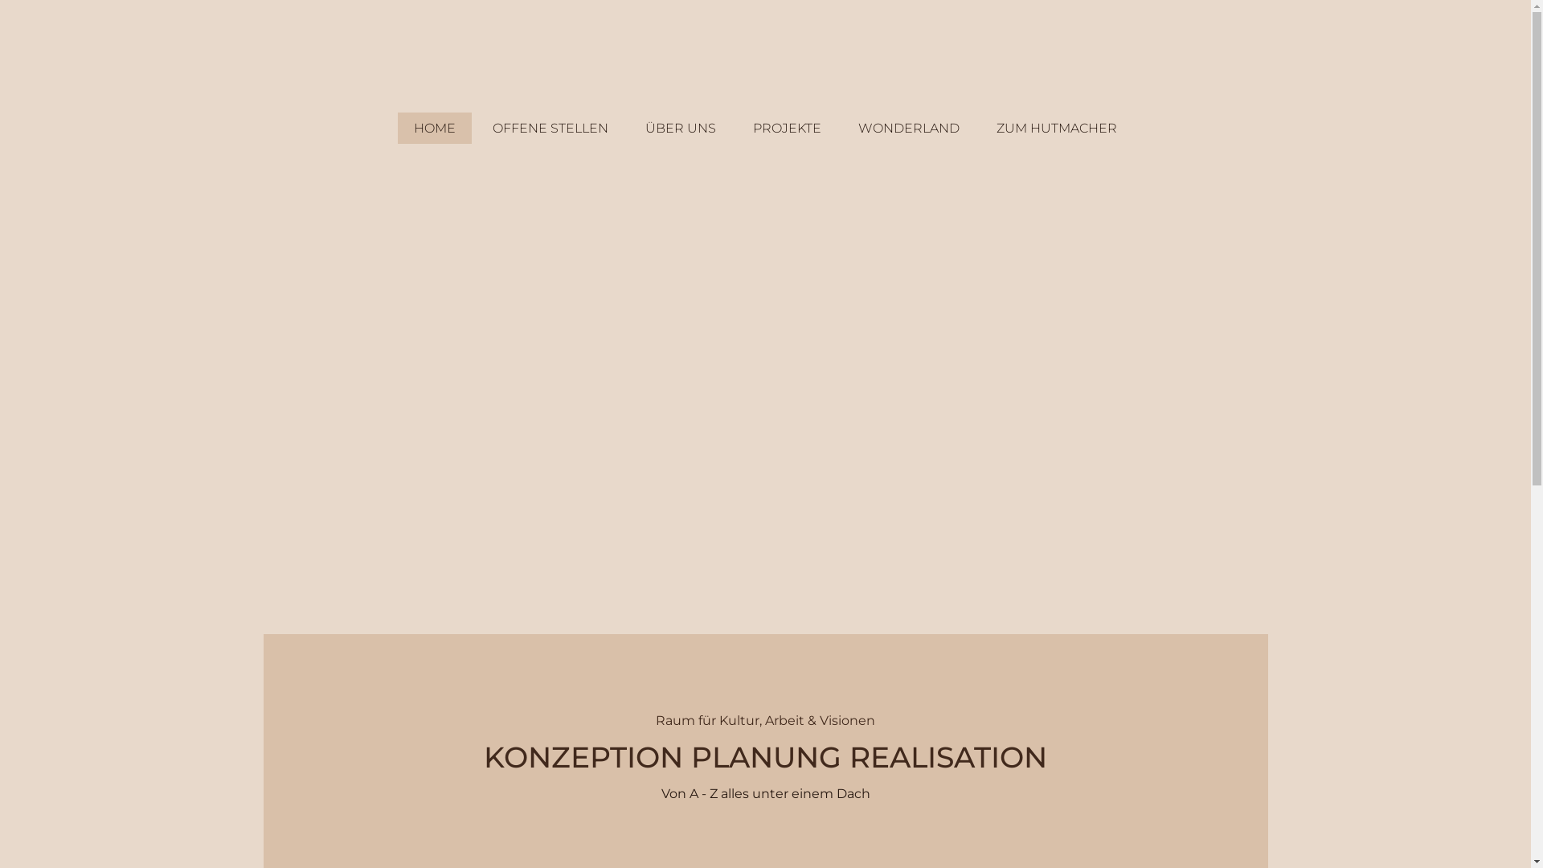  What do you see at coordinates (841, 127) in the screenshot?
I see `'WONDERLAND'` at bounding box center [841, 127].